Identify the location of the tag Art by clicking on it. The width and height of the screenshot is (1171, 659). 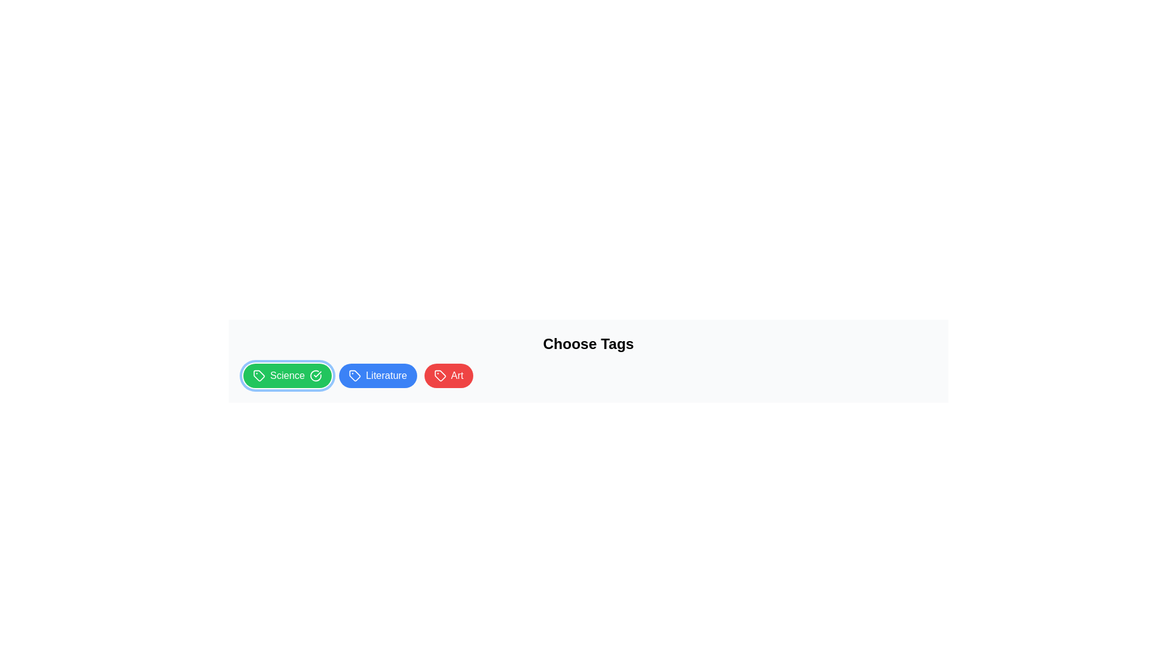
(447, 375).